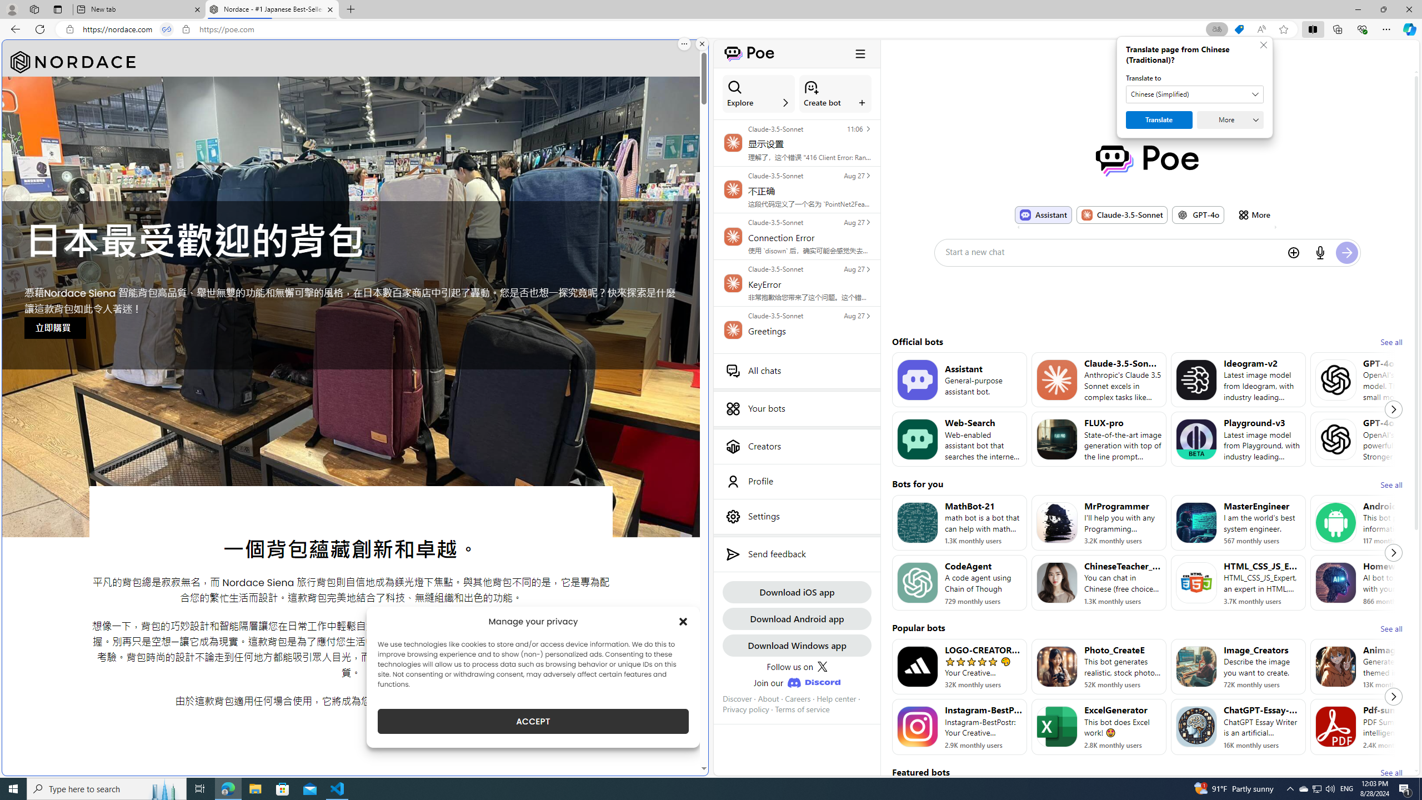 The height and width of the screenshot is (800, 1422). Describe the element at coordinates (1393, 696) in the screenshot. I see `'Next'` at that location.